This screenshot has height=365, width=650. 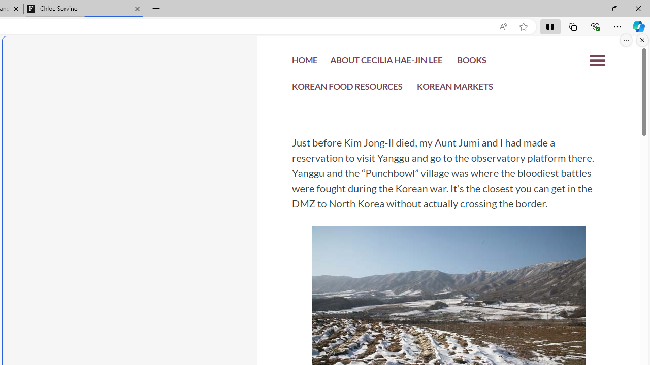 I want to click on 'KOREAN FOOD RESOURCES', so click(x=347, y=89).